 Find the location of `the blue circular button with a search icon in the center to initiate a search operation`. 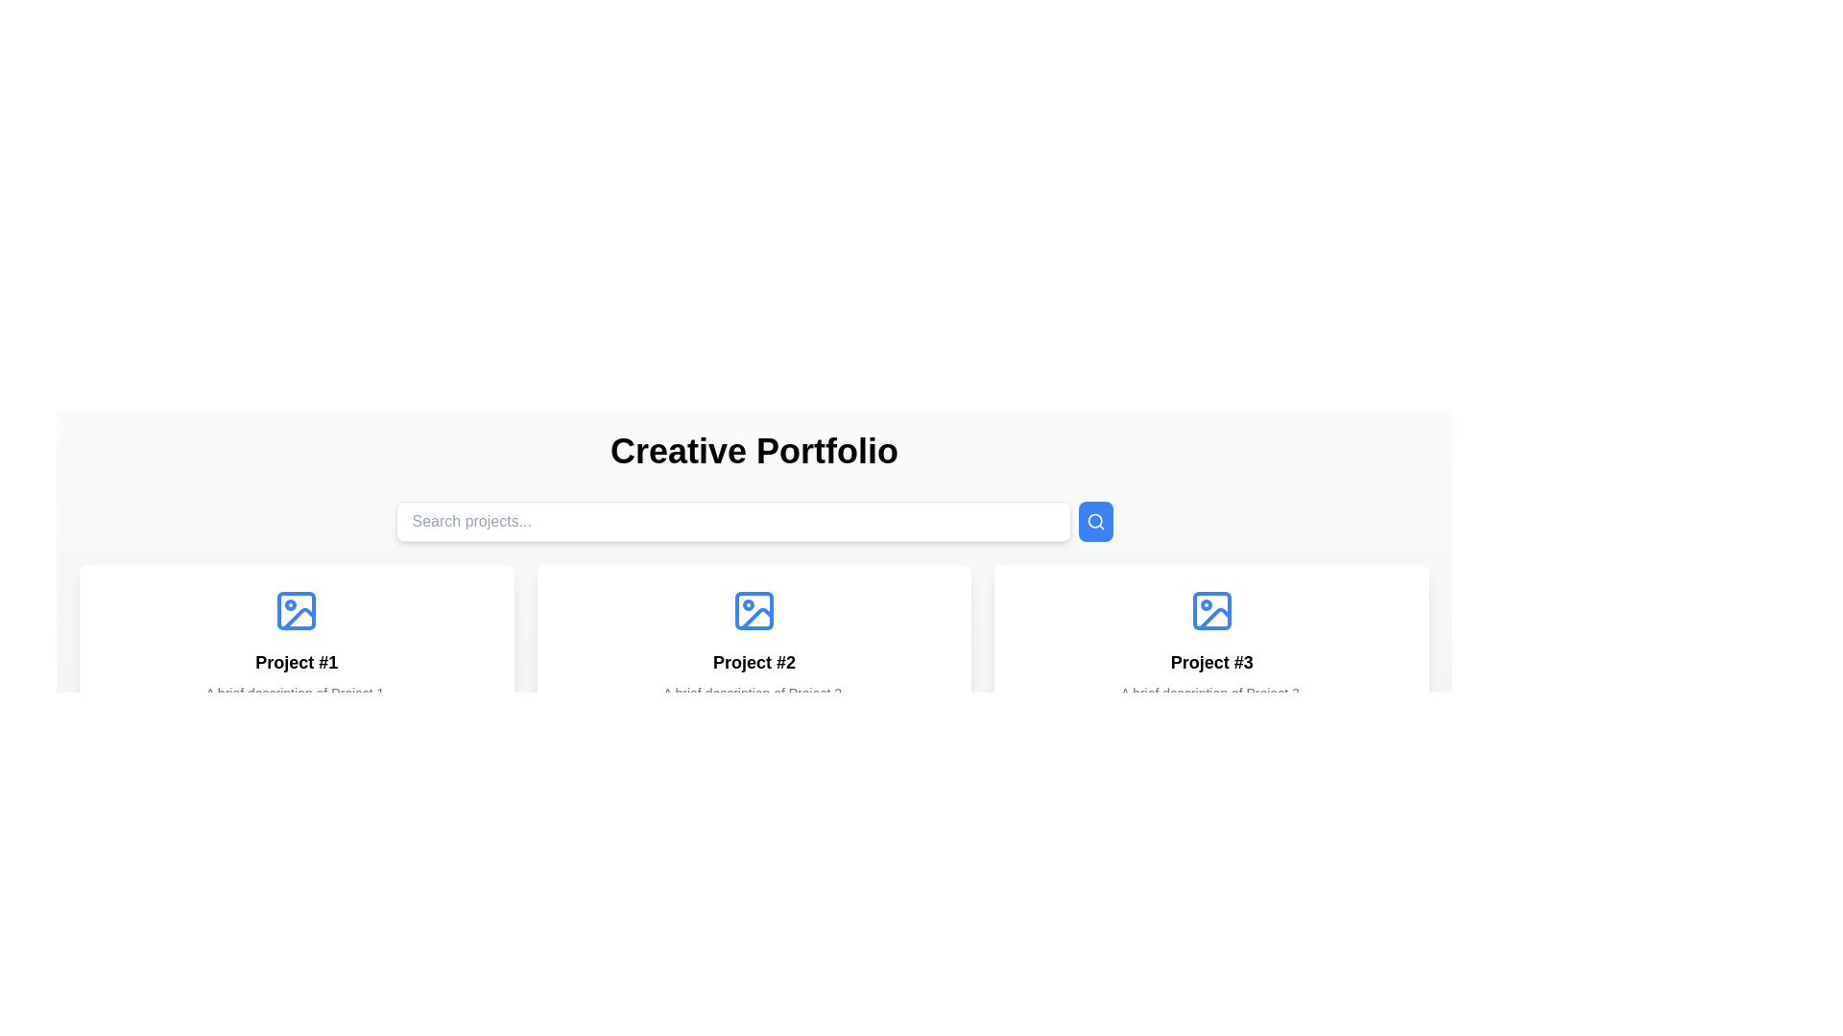

the blue circular button with a search icon in the center to initiate a search operation is located at coordinates (1095, 521).